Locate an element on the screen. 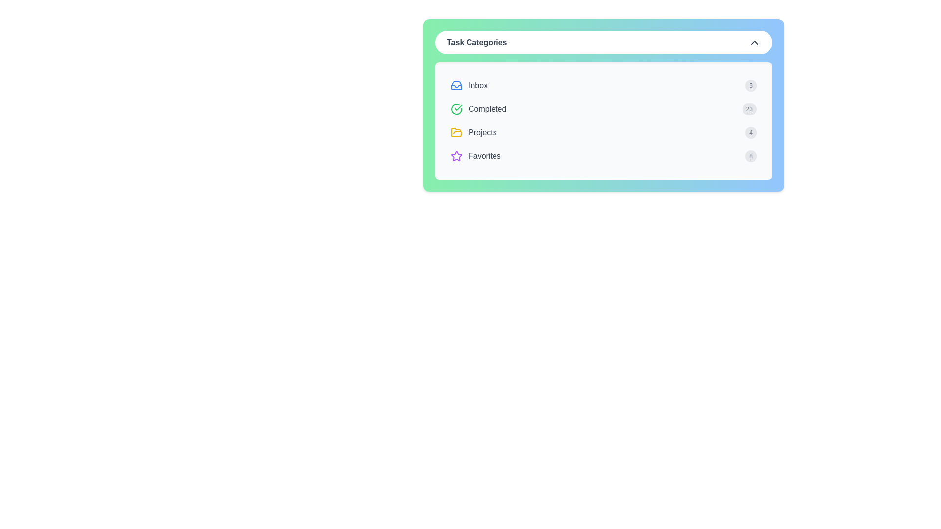  the Badge that displays the count of items in the 'Favorites' category, positioned on the far right side of the 'Favorites' list item is located at coordinates (750, 156).